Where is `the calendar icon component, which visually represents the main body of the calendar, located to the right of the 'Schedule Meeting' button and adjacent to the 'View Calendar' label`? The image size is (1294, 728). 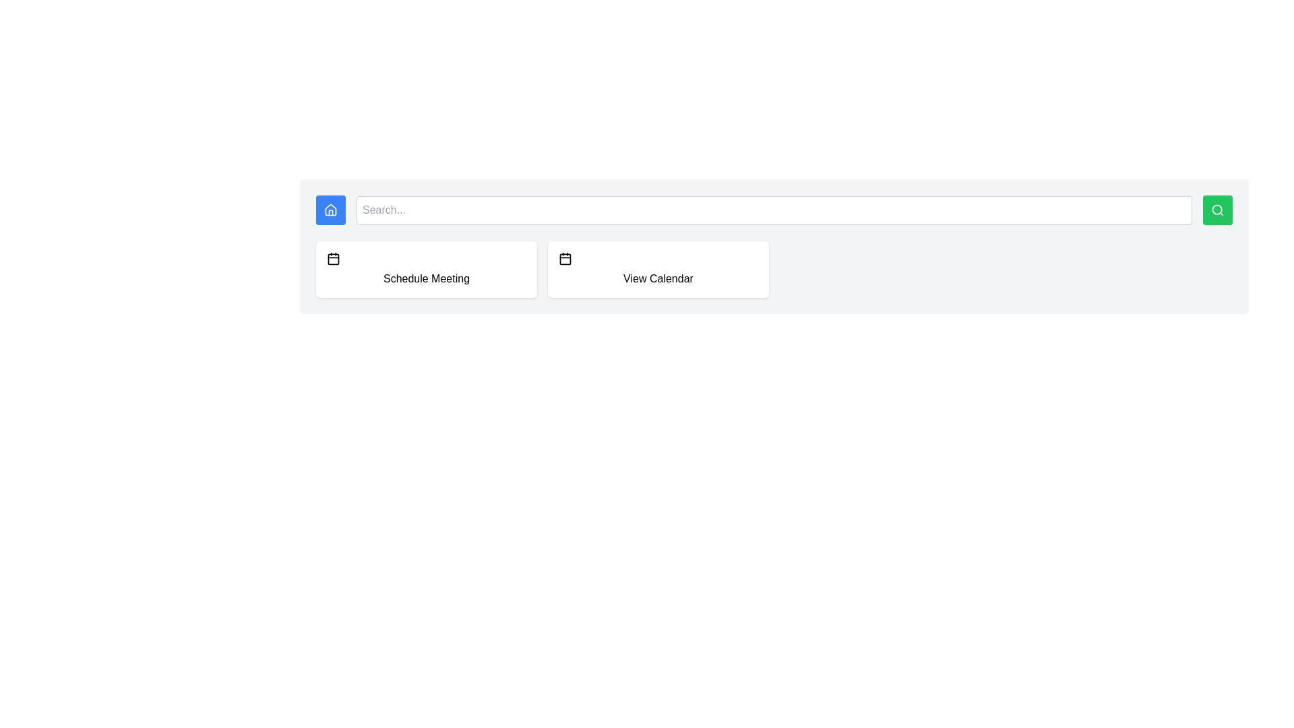
the calendar icon component, which visually represents the main body of the calendar, located to the right of the 'Schedule Meeting' button and adjacent to the 'View Calendar' label is located at coordinates (333, 259).